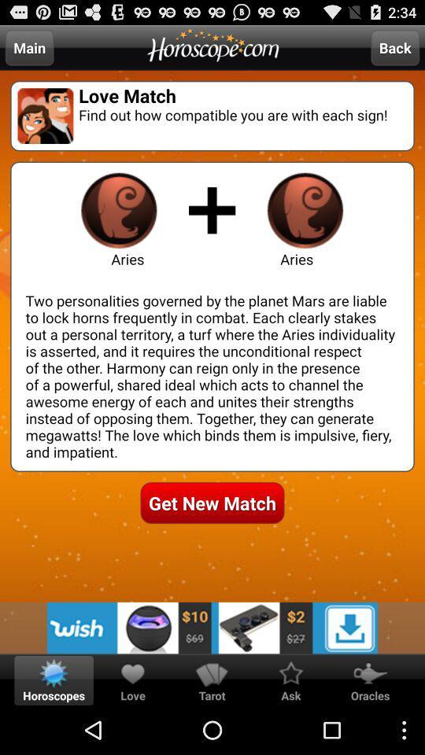 This screenshot has width=425, height=755. What do you see at coordinates (118, 209) in the screenshot?
I see `aries button` at bounding box center [118, 209].